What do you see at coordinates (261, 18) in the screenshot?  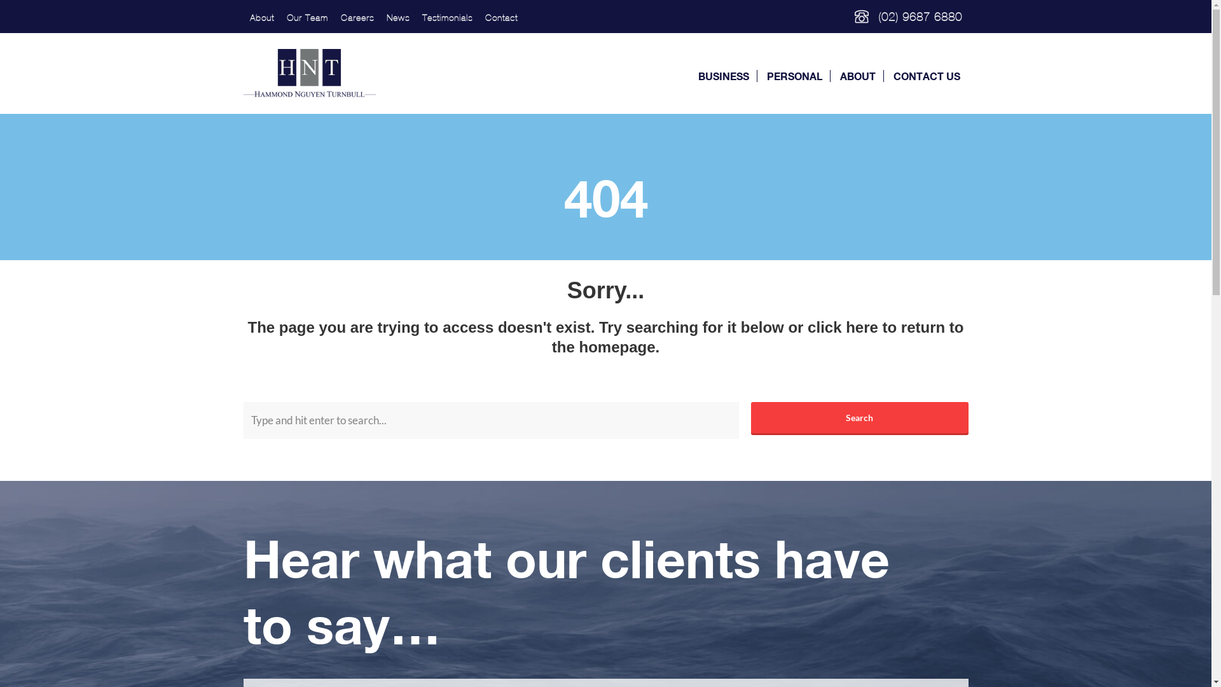 I see `'About'` at bounding box center [261, 18].